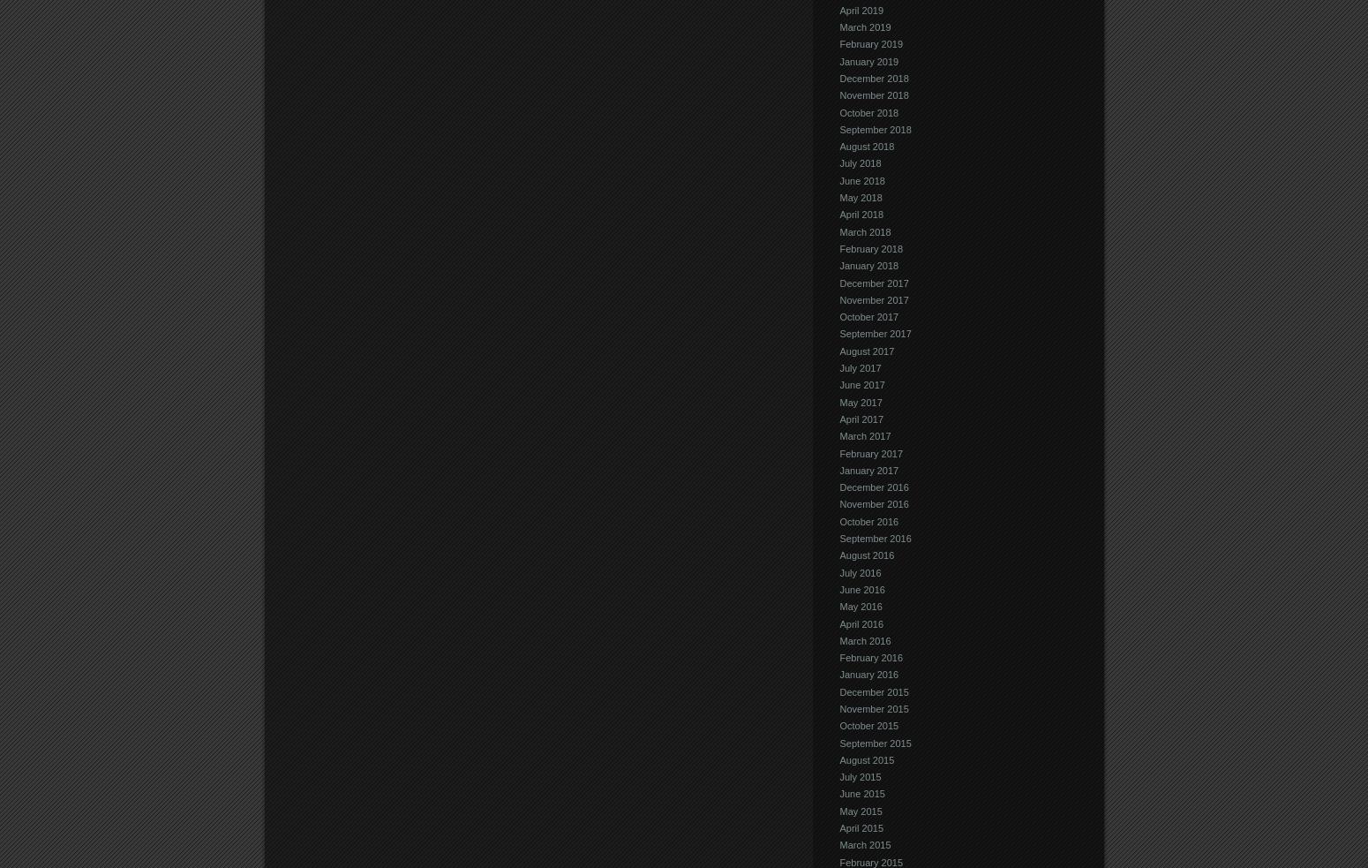  Describe the element at coordinates (865, 759) in the screenshot. I see `'August 2015'` at that location.